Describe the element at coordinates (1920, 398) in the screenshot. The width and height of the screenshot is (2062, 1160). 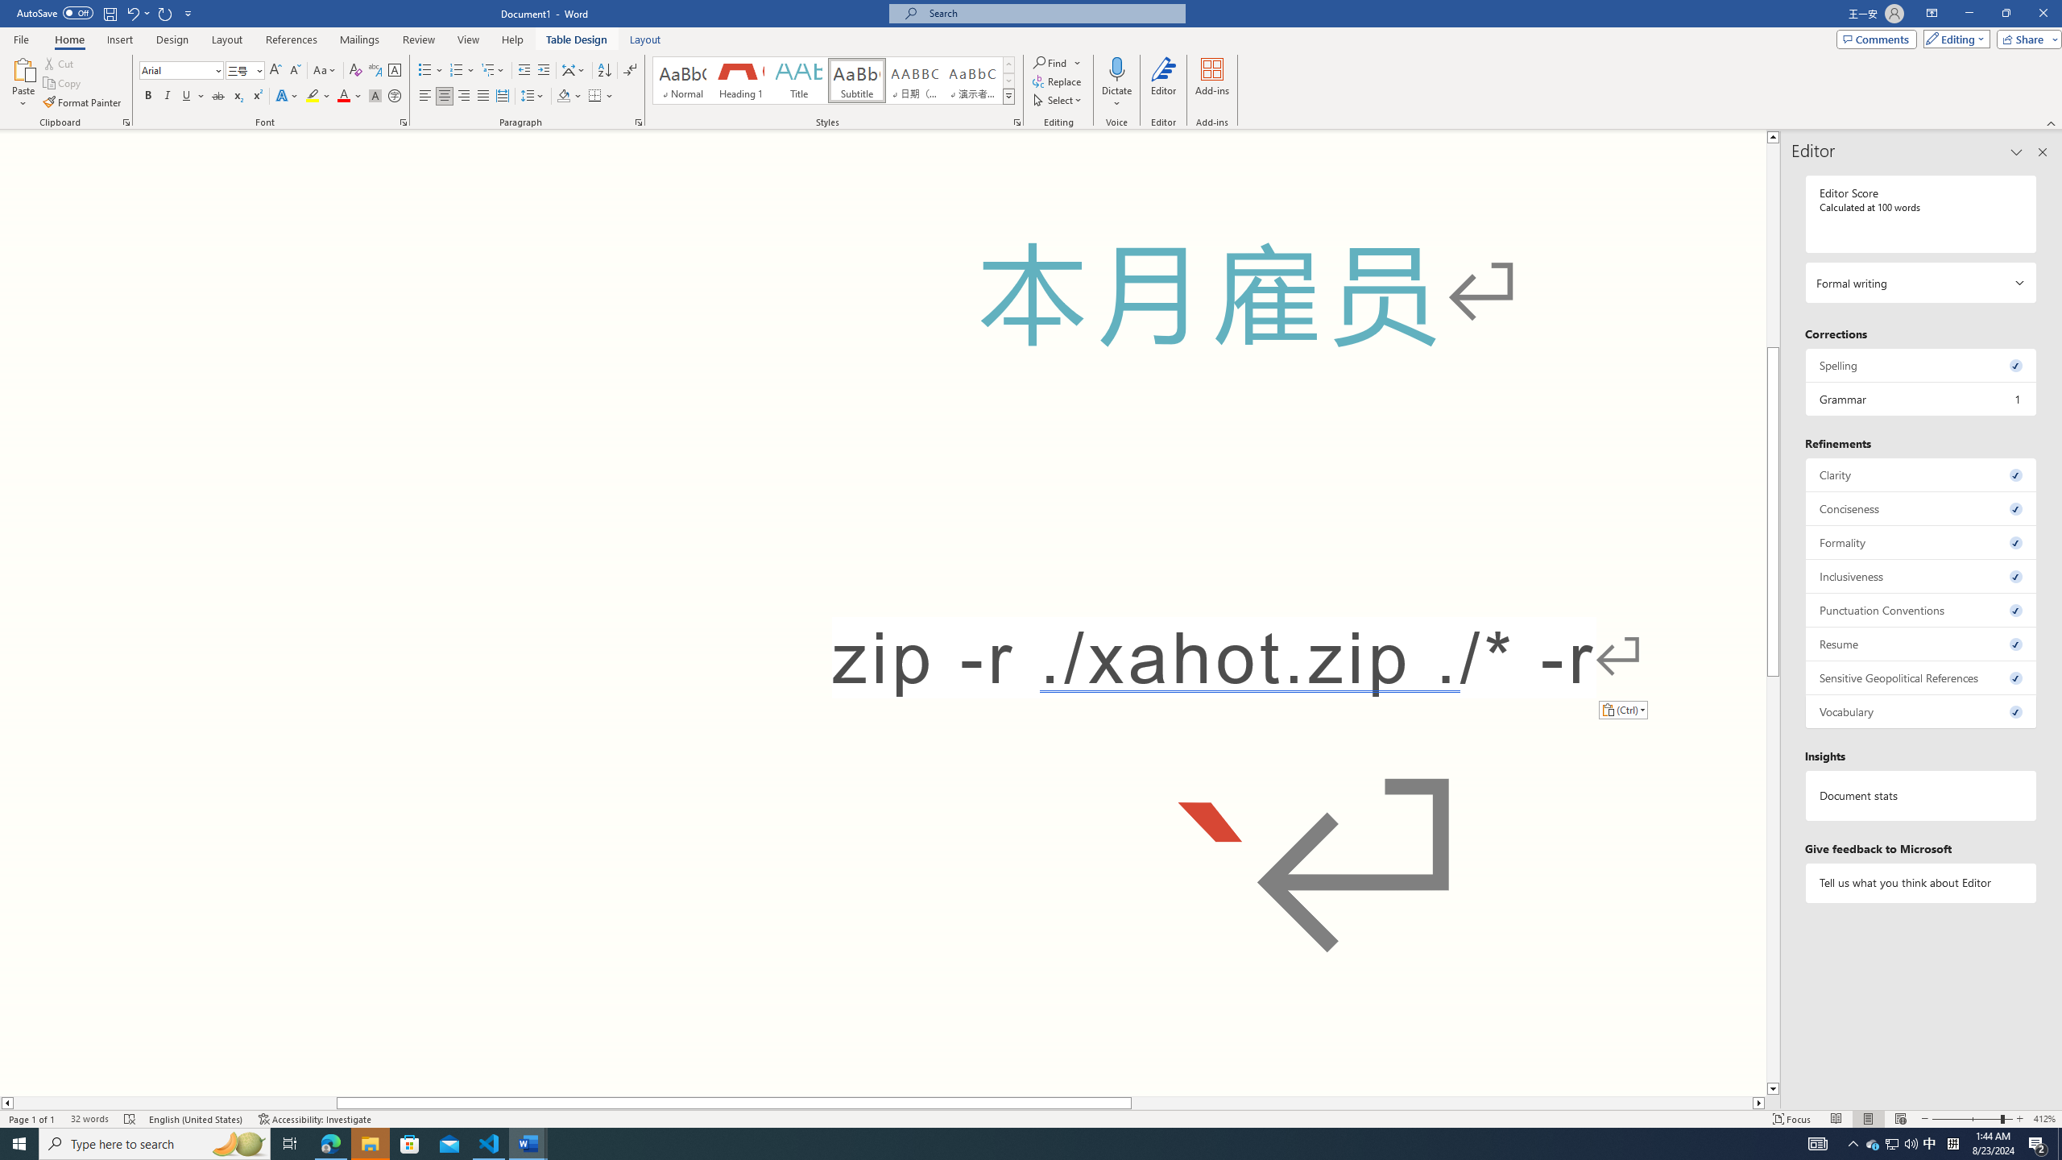
I see `'Grammar, 1 issue. Press space or enter to review items.'` at that location.